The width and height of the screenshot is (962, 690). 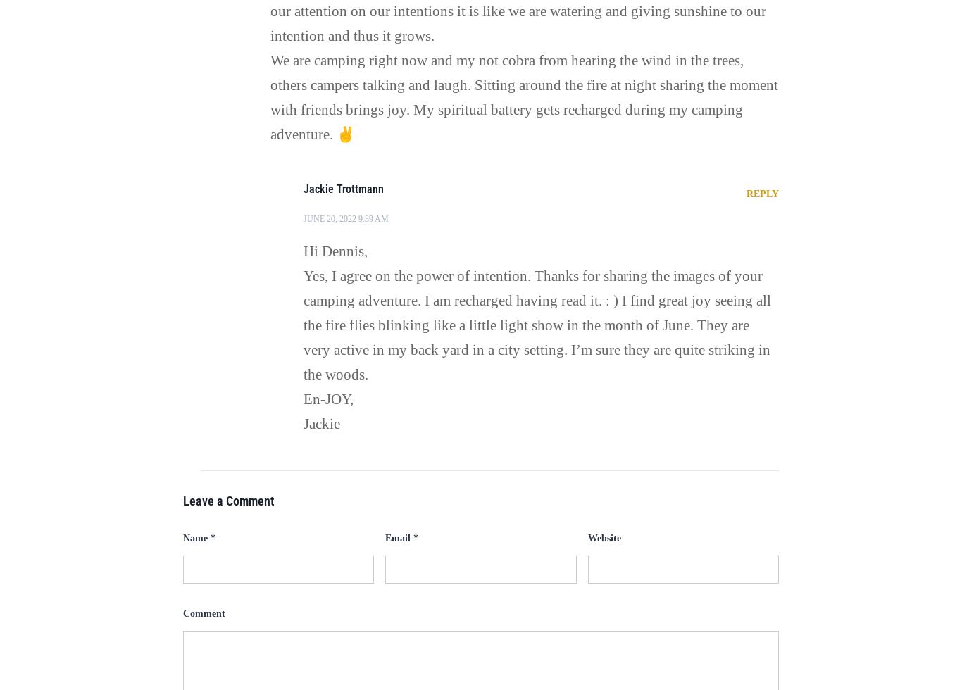 I want to click on 'June 20, 2022 9:39 am', so click(x=346, y=218).